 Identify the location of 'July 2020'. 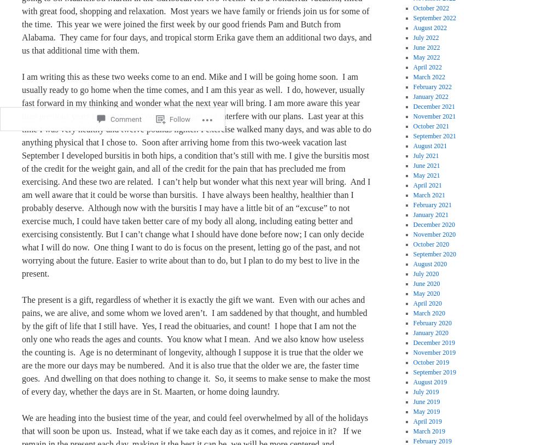
(412, 273).